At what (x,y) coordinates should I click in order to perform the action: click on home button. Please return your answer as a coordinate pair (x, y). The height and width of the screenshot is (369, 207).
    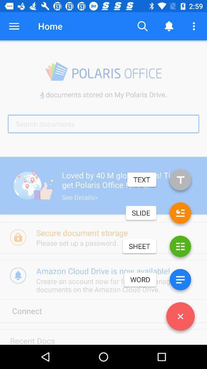
    Looking at the image, I should click on (50, 26).